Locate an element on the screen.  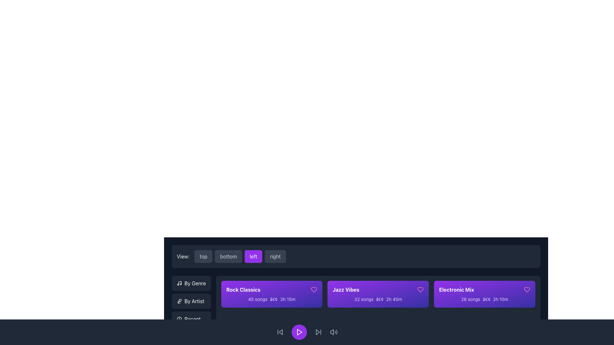
text label displaying '32 songs' located in the 'Jazz Vibes' playlist information block, which is the first textual component at the bottom of the block is located at coordinates (364, 299).